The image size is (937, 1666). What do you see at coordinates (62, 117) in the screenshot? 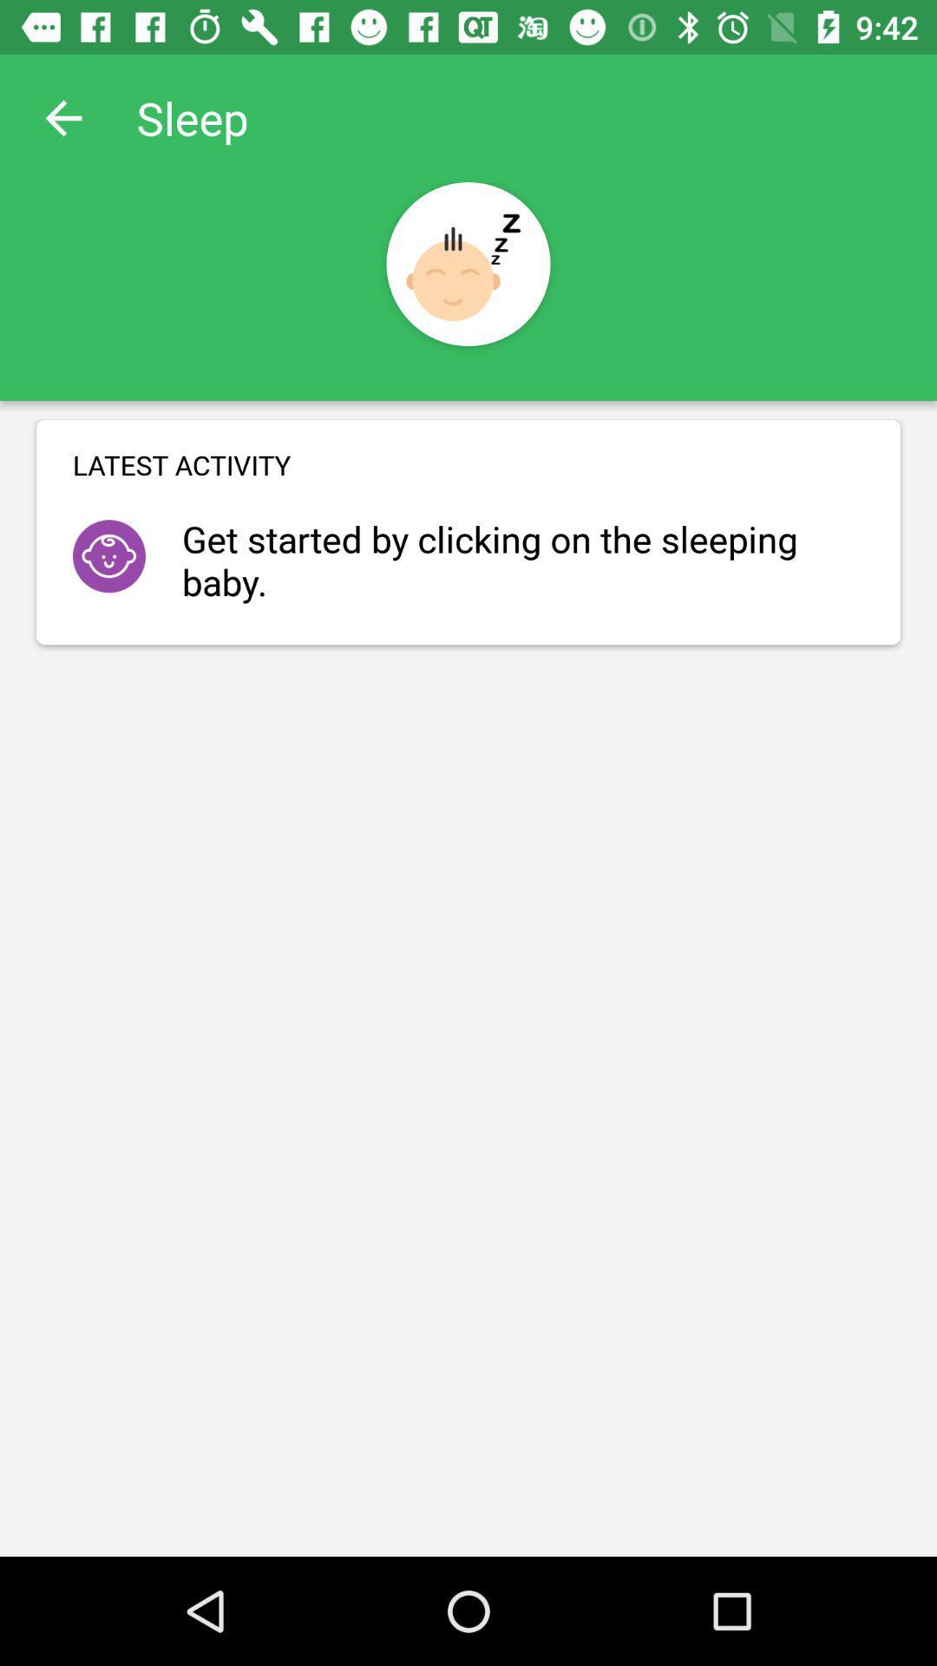
I see `the app next to sleep icon` at bounding box center [62, 117].